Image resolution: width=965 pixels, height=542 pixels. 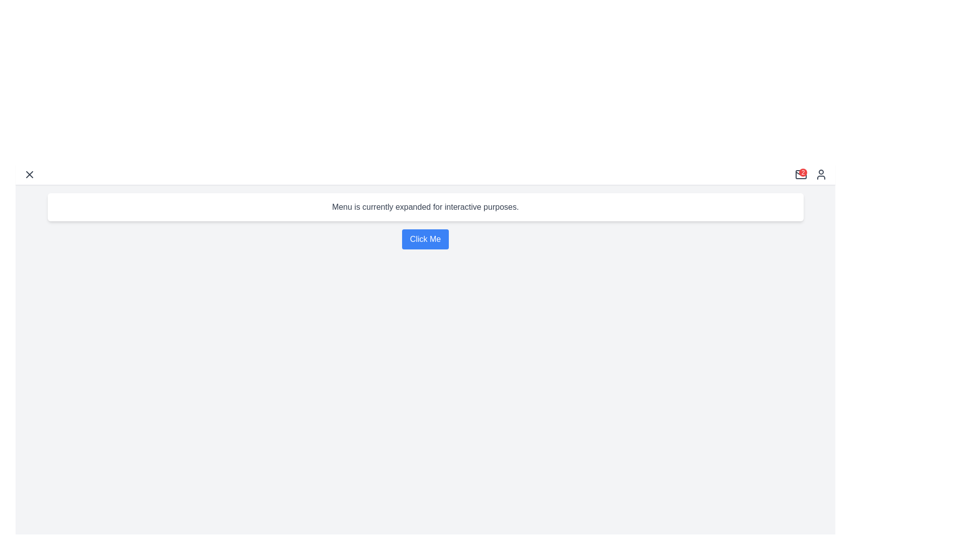 What do you see at coordinates (29, 174) in the screenshot?
I see `the cross symbol icon, which is styled with dark lines intersecting diagonally within a square` at bounding box center [29, 174].